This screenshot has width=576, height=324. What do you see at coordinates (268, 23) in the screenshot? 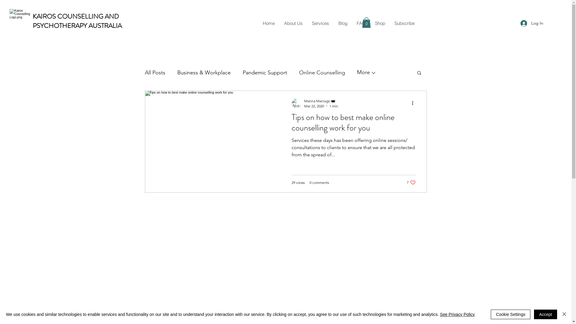
I see `'Home'` at bounding box center [268, 23].